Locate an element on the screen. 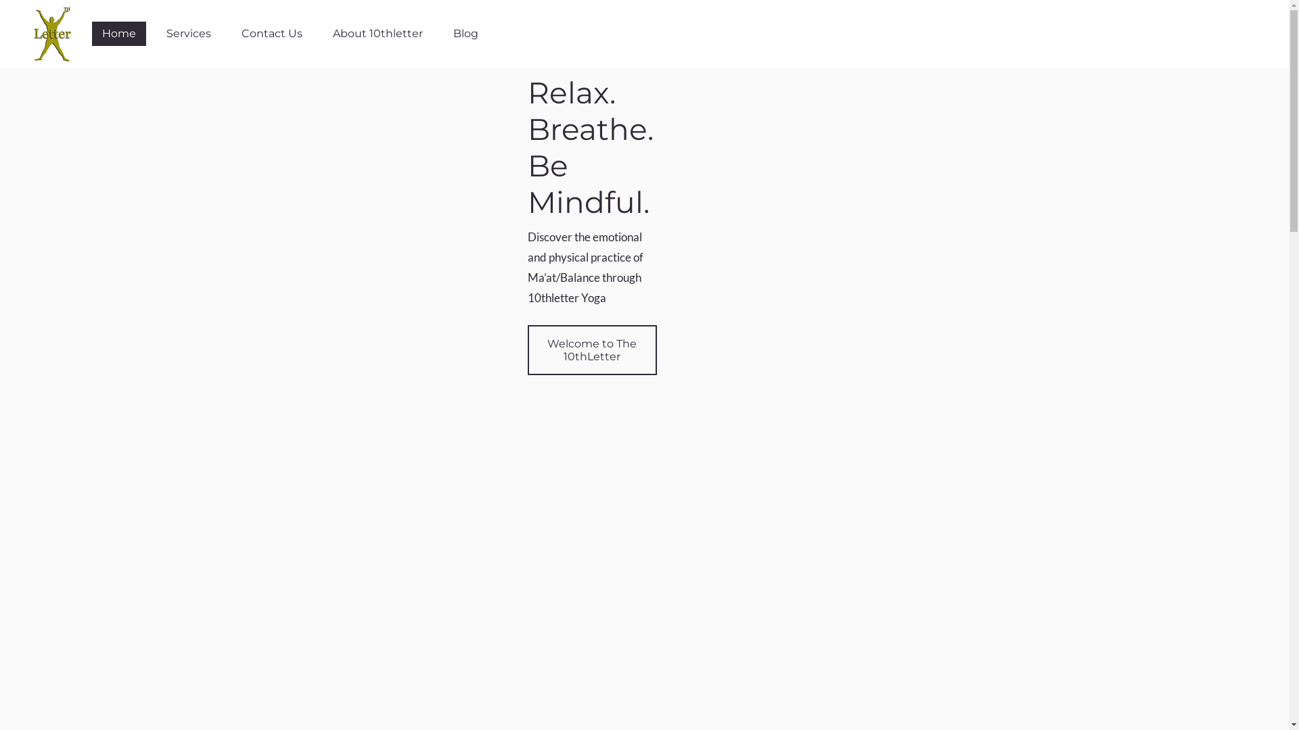 The image size is (1299, 730). 'Contact Us' is located at coordinates (271, 33).